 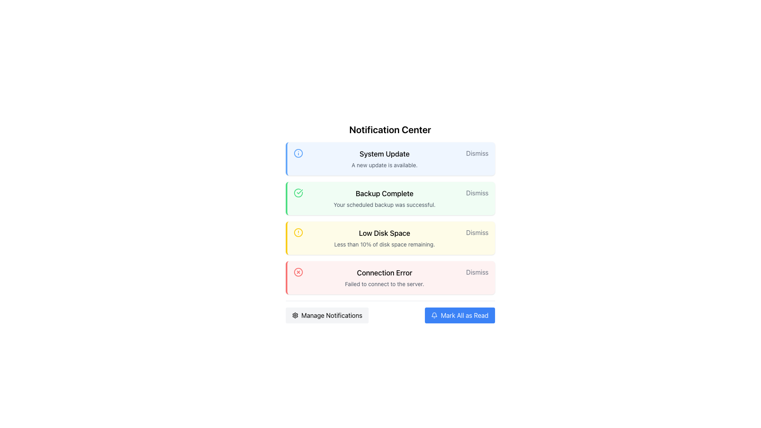 What do you see at coordinates (294, 315) in the screenshot?
I see `the 'Settings' icon located in the lower-left corner of the interface, next to the 'Manage Notifications' button` at bounding box center [294, 315].